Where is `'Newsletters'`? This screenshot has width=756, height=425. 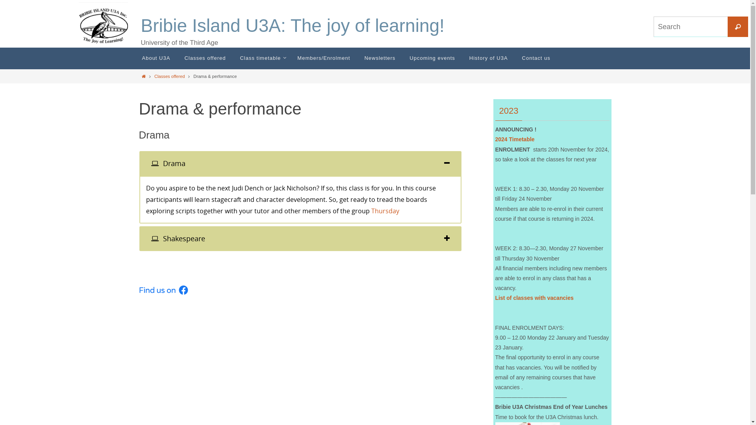 'Newsletters' is located at coordinates (380, 58).